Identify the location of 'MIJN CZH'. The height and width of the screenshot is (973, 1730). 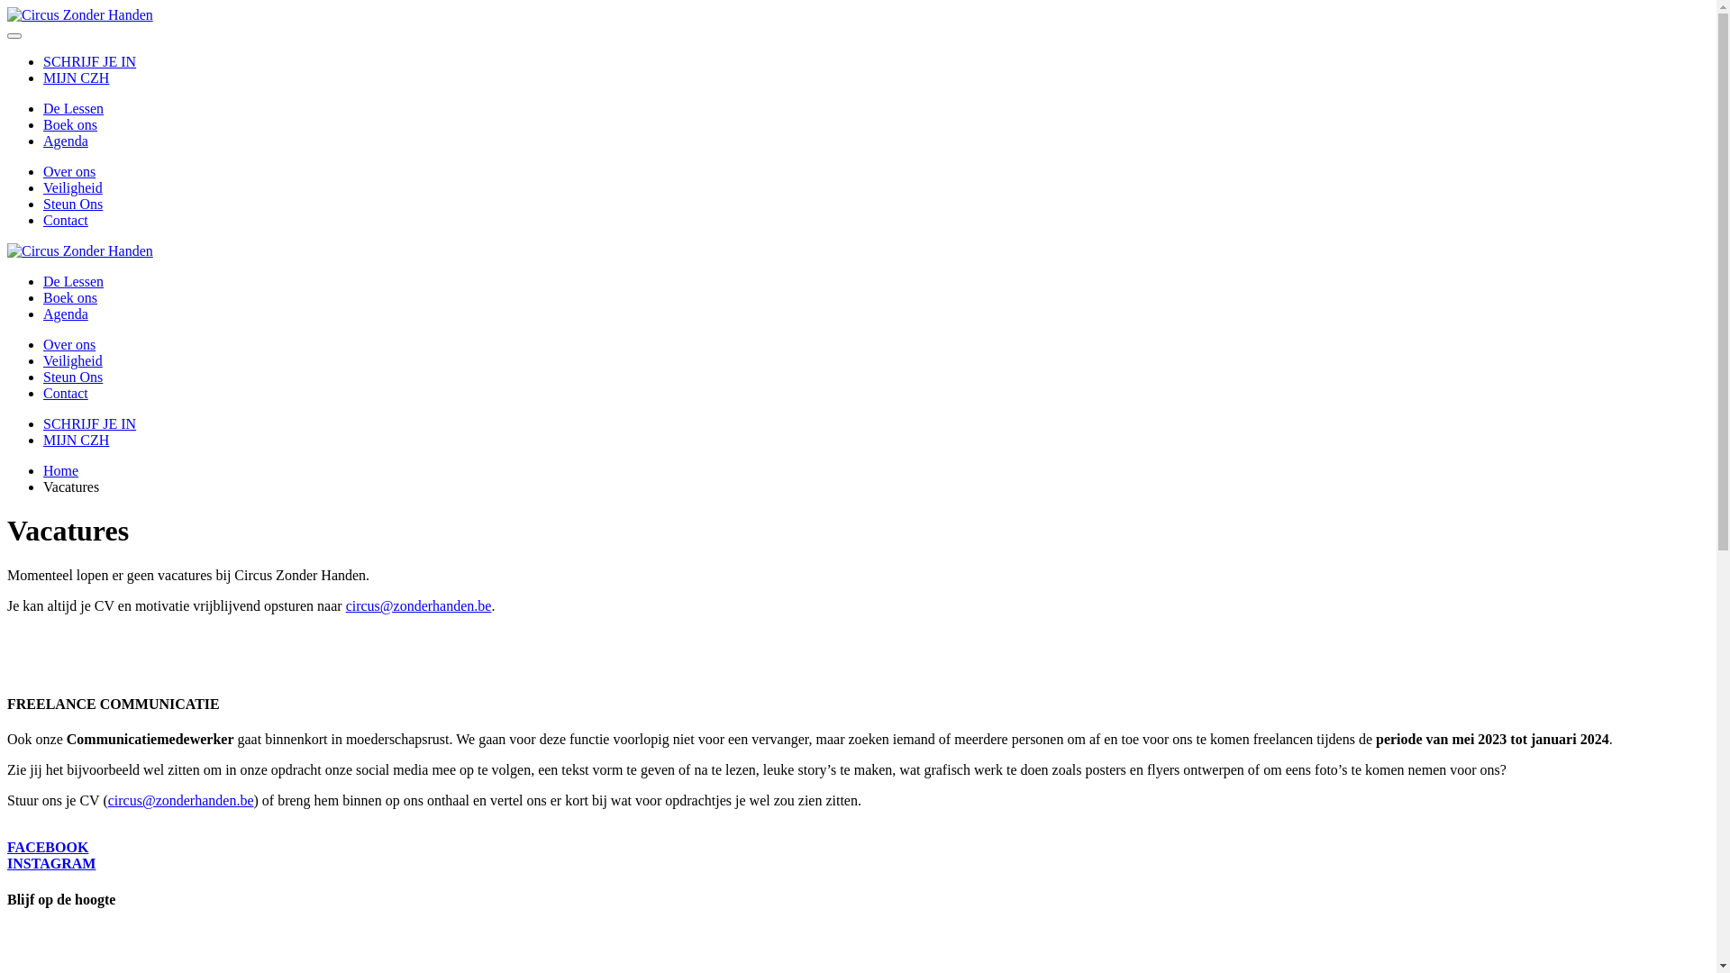
(75, 77).